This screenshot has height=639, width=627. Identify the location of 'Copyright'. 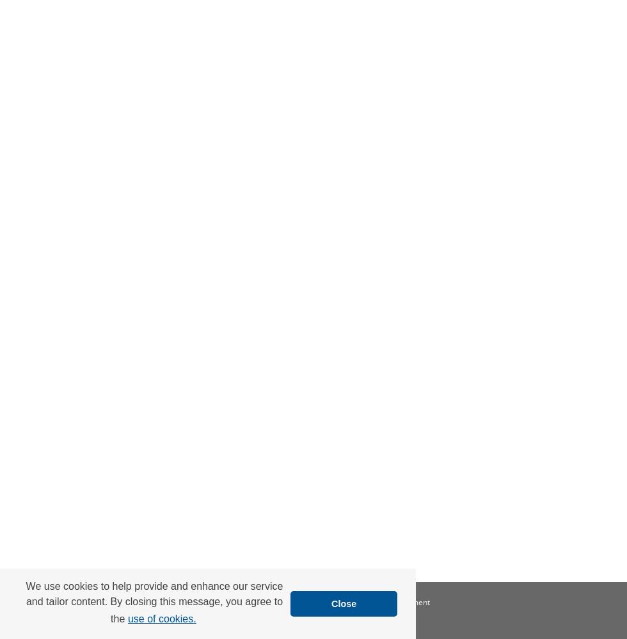
(222, 617).